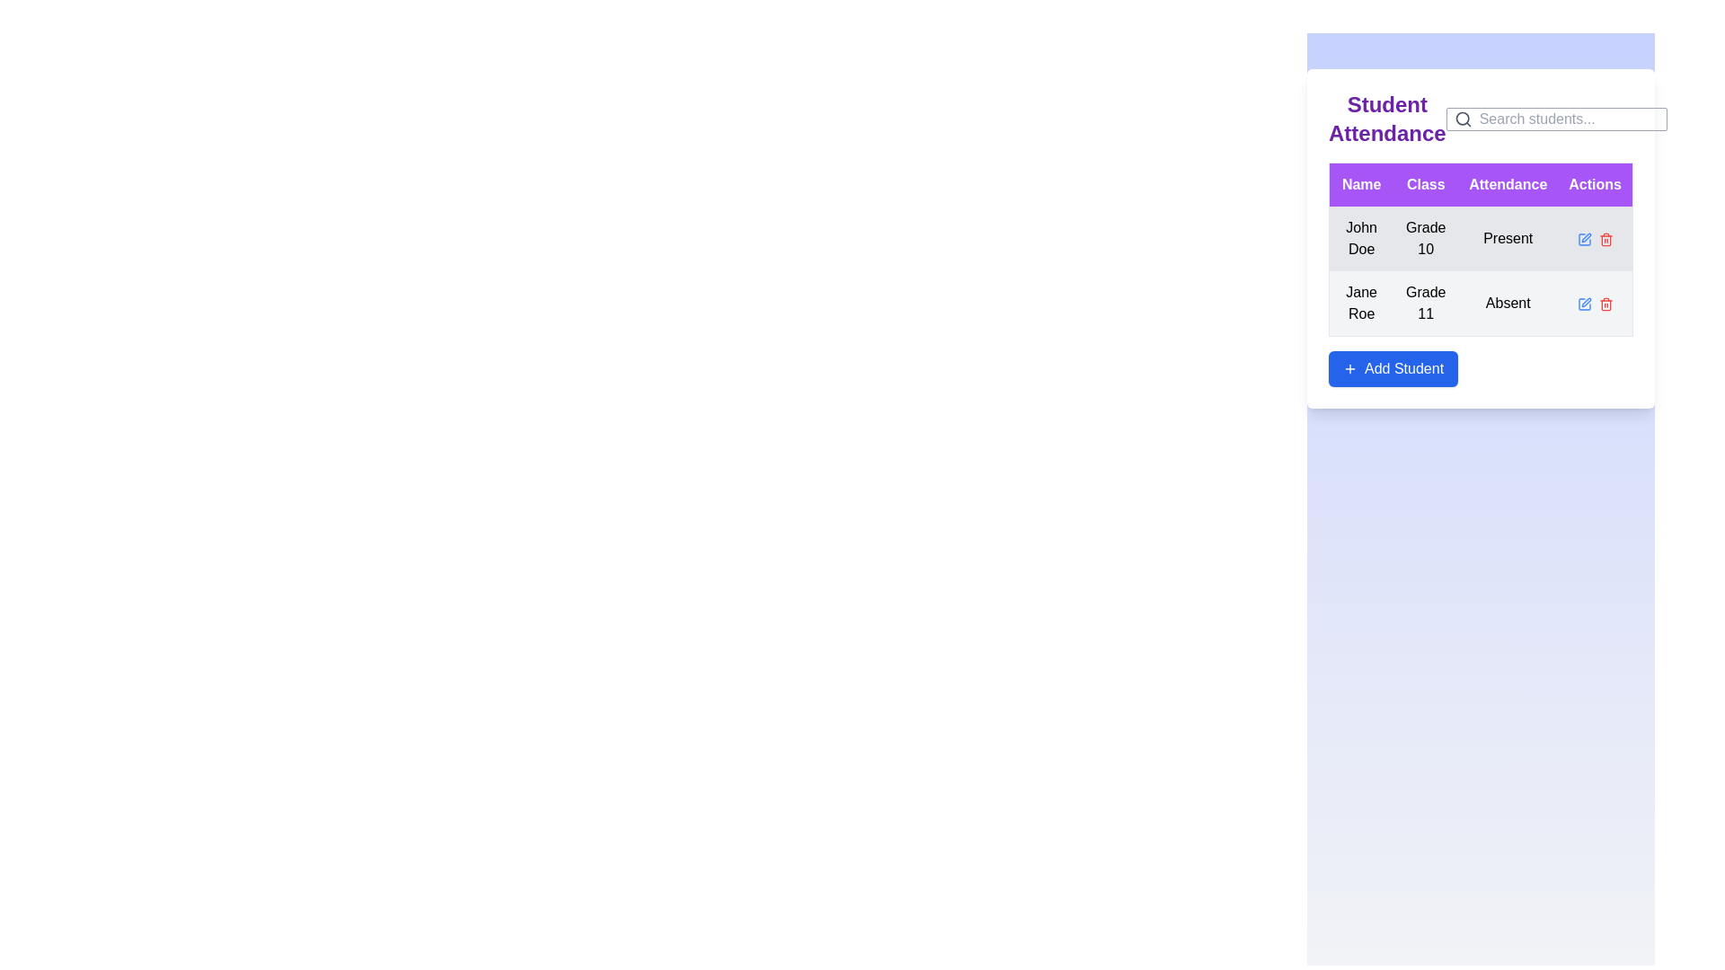 The image size is (1725, 970). I want to click on the 'Add Student' button located at the bottom of the 'Student Attendance' panel, so click(1392, 368).